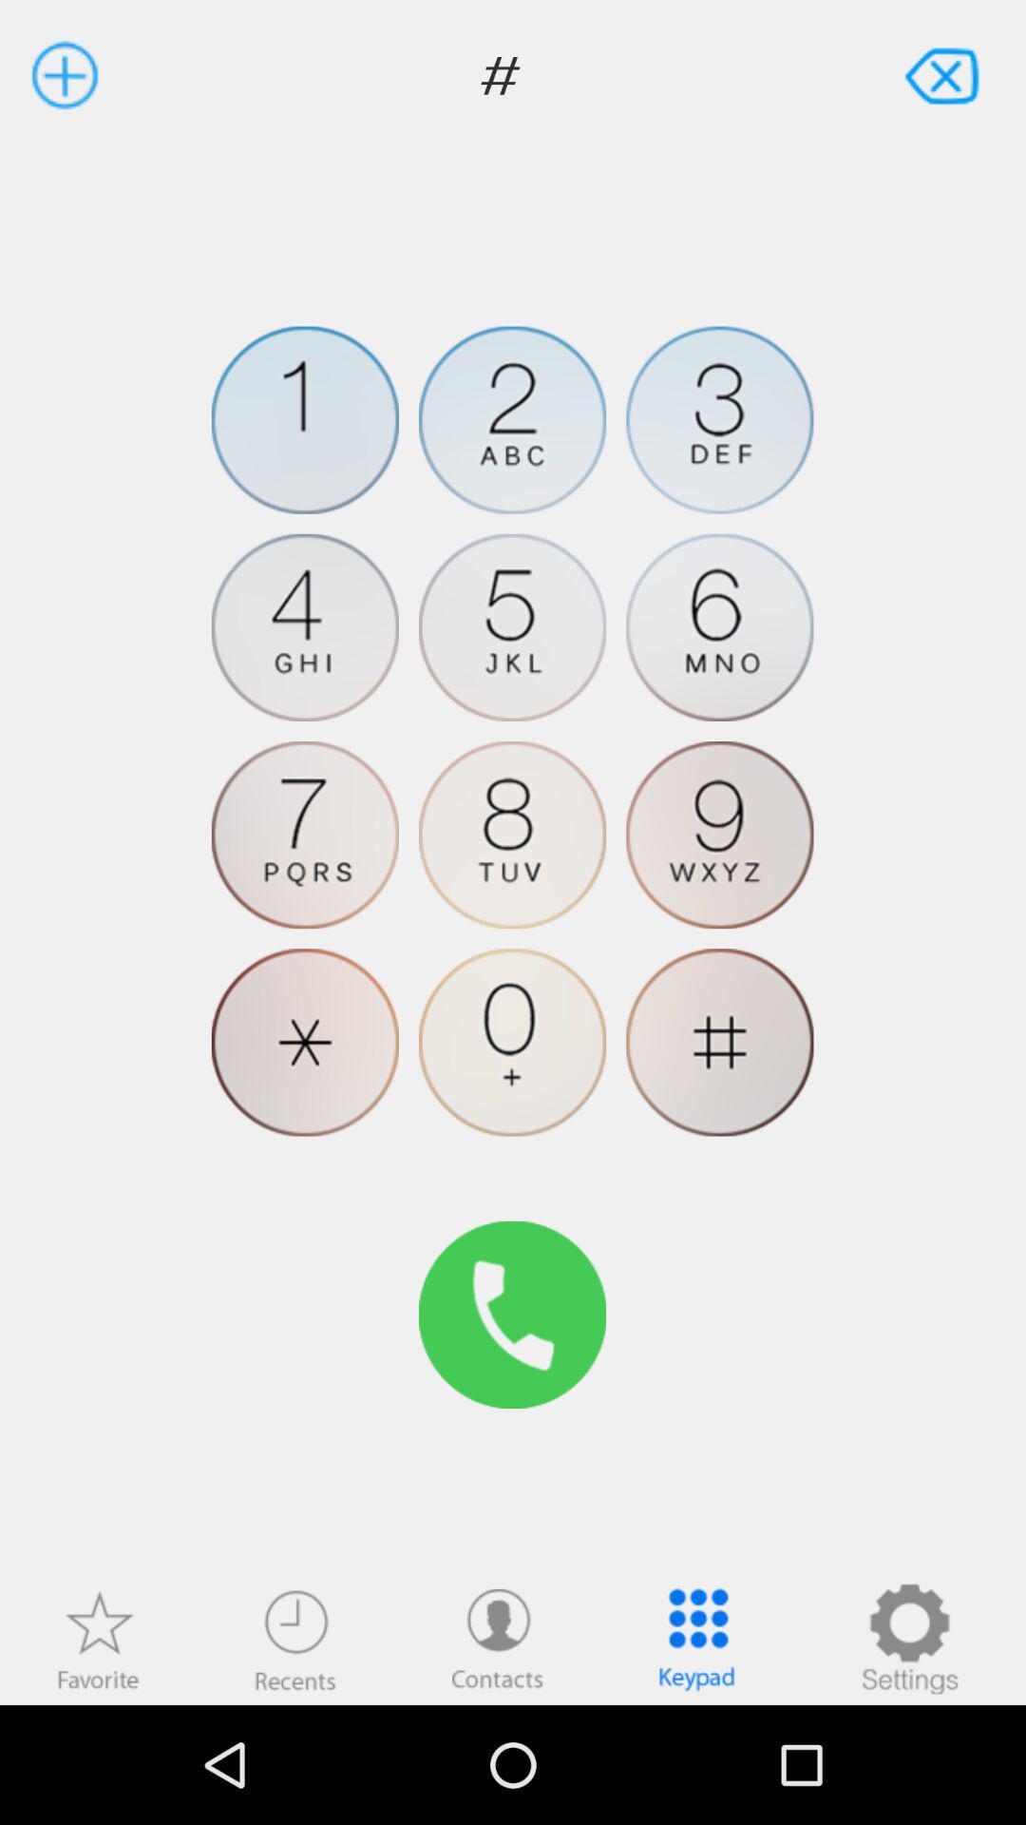 Image resolution: width=1026 pixels, height=1825 pixels. I want to click on app next to the # icon, so click(944, 74).